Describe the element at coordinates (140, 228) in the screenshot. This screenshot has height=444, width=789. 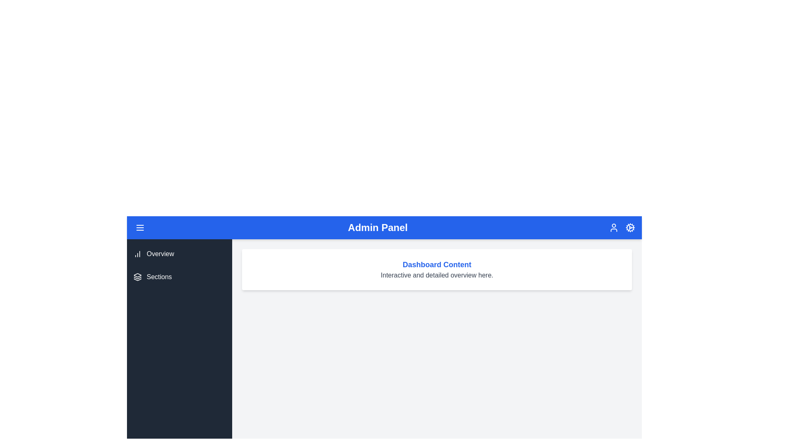
I see `the menu toggle button to toggle the menu visibility` at that location.